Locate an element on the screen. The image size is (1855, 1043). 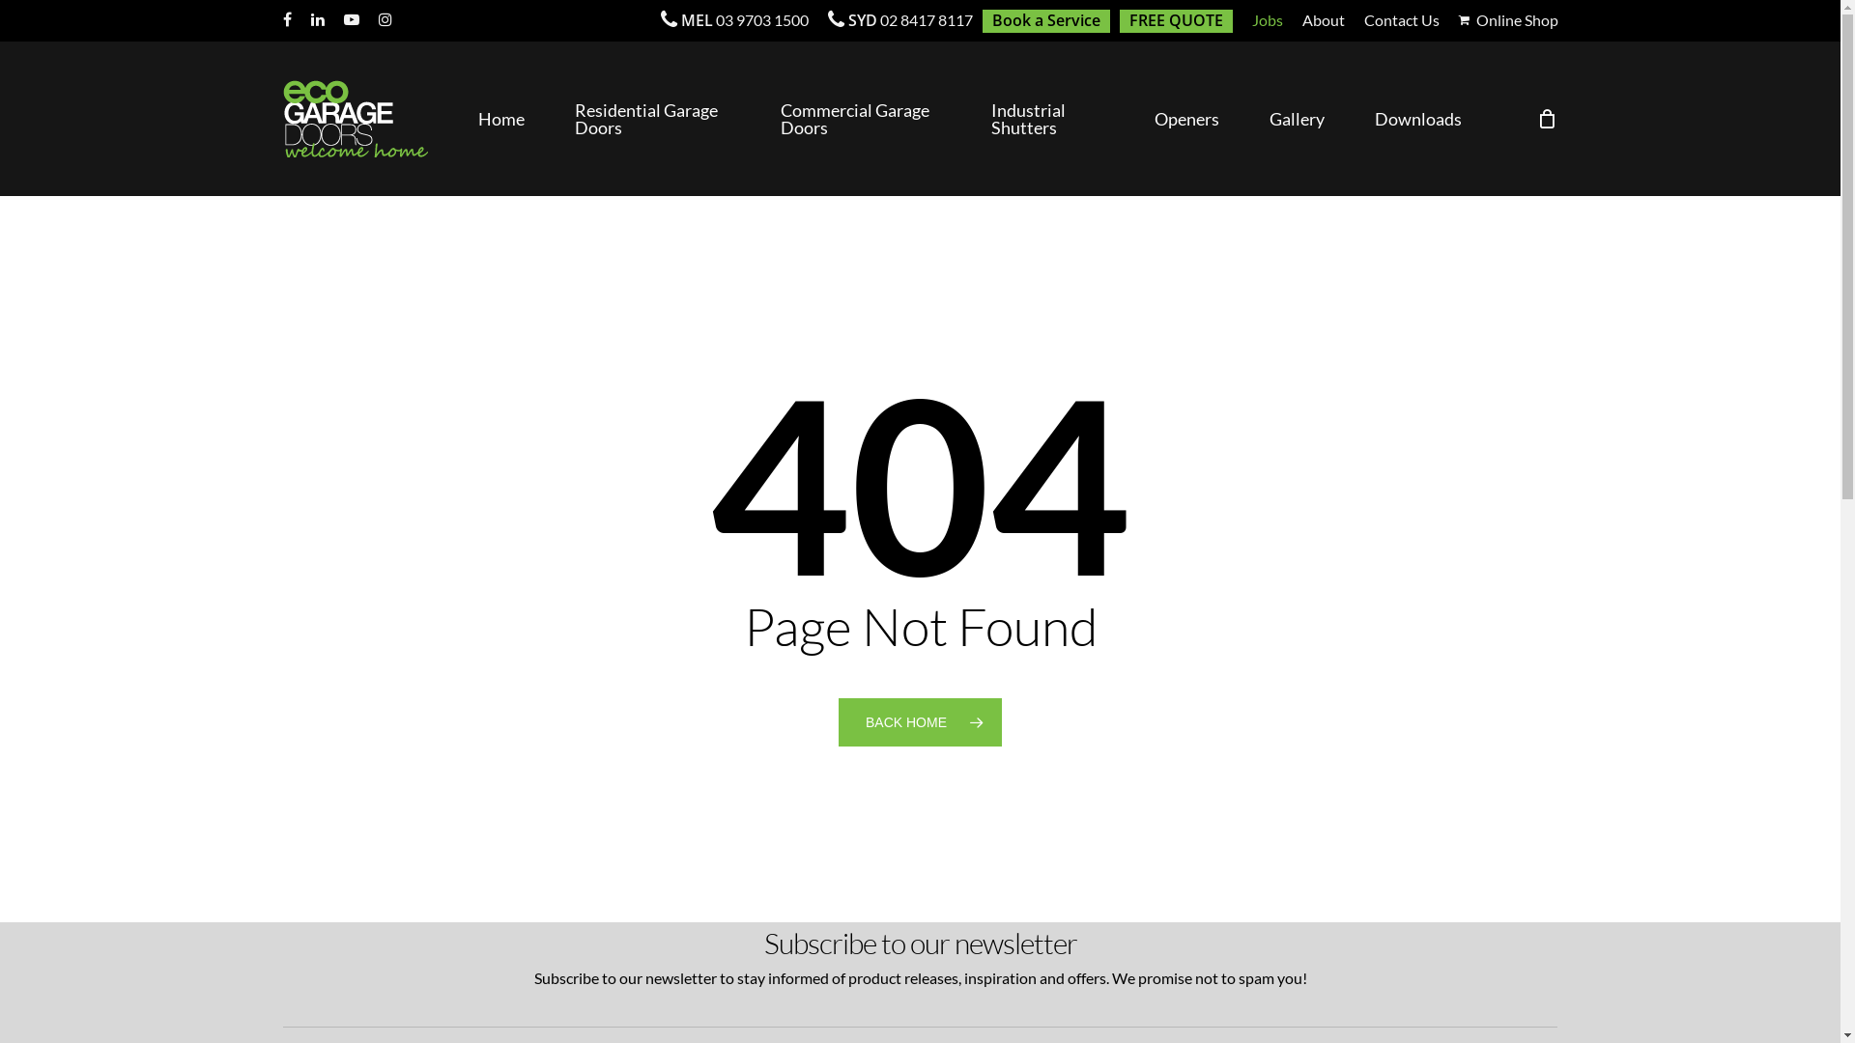
'Online Shop' is located at coordinates (1507, 19).